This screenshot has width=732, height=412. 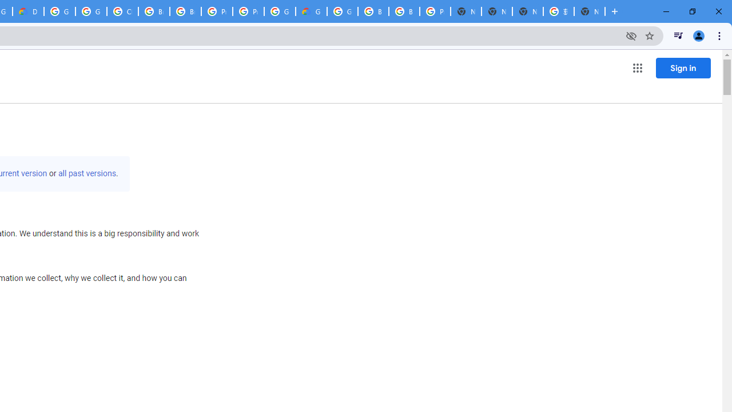 I want to click on 'Google Cloud Estimate Summary', so click(x=311, y=11).